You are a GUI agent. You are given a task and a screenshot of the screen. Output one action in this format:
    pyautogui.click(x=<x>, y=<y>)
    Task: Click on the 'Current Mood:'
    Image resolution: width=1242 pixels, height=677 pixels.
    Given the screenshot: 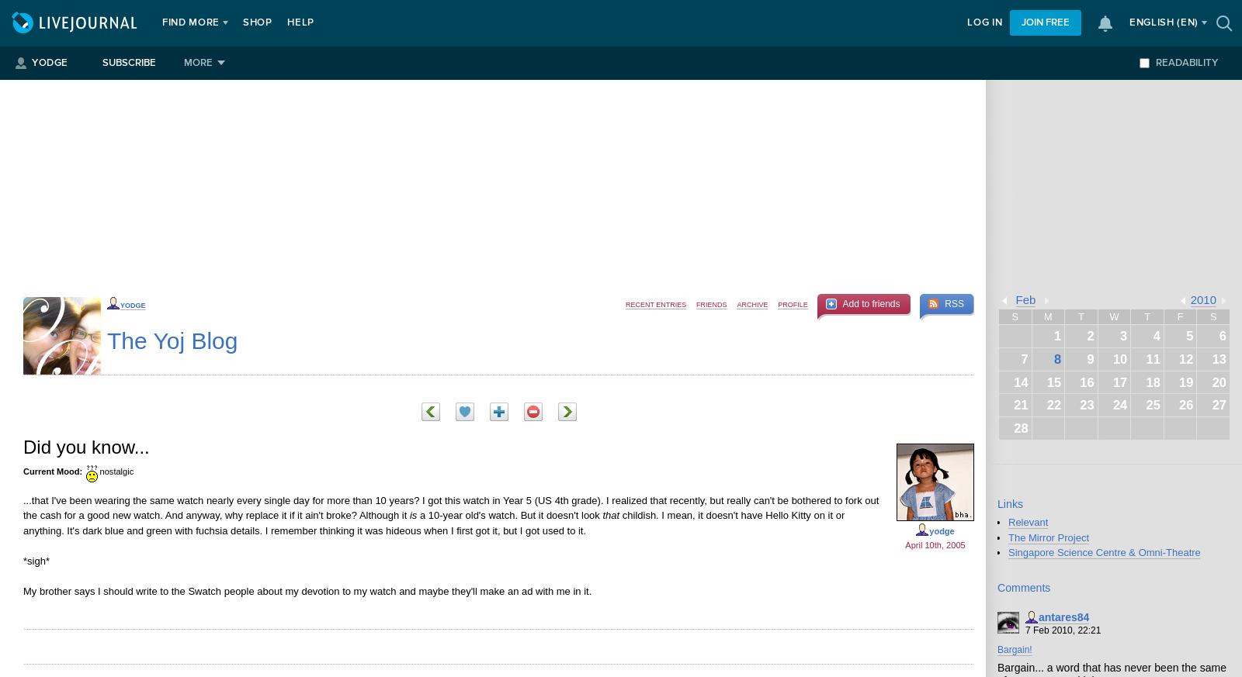 What is the action you would take?
    pyautogui.click(x=52, y=470)
    